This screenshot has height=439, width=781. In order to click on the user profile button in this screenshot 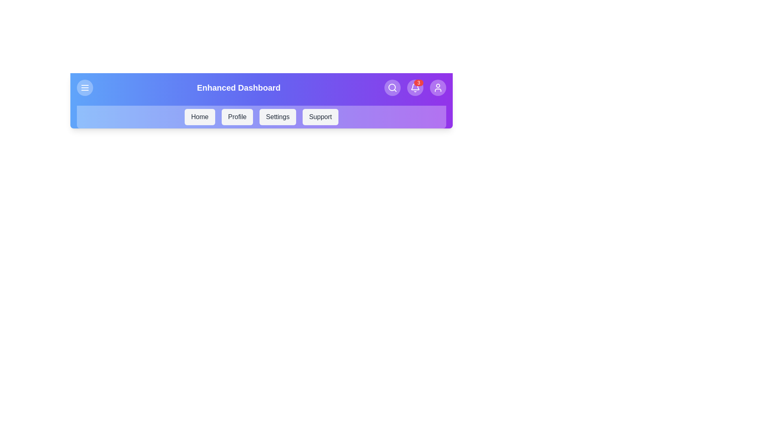, I will do `click(437, 88)`.